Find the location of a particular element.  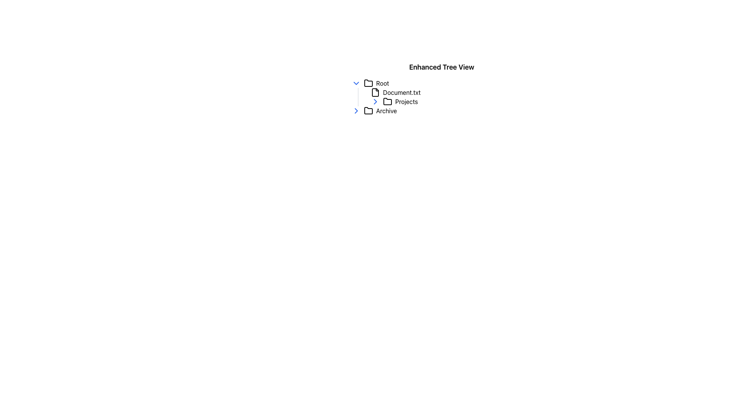

the folder icon representing 'Projects' in the file tree structure, located directly to the left of the text 'Projects' is located at coordinates (387, 101).